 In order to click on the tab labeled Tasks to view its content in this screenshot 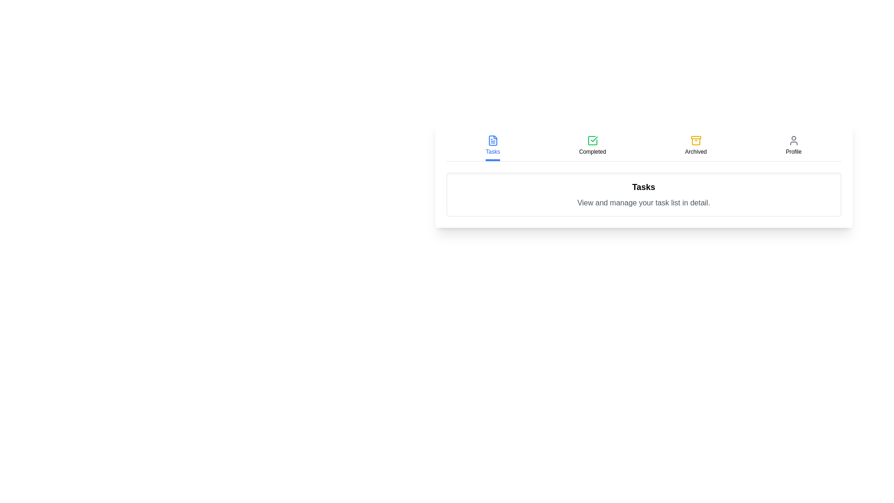, I will do `click(492, 146)`.